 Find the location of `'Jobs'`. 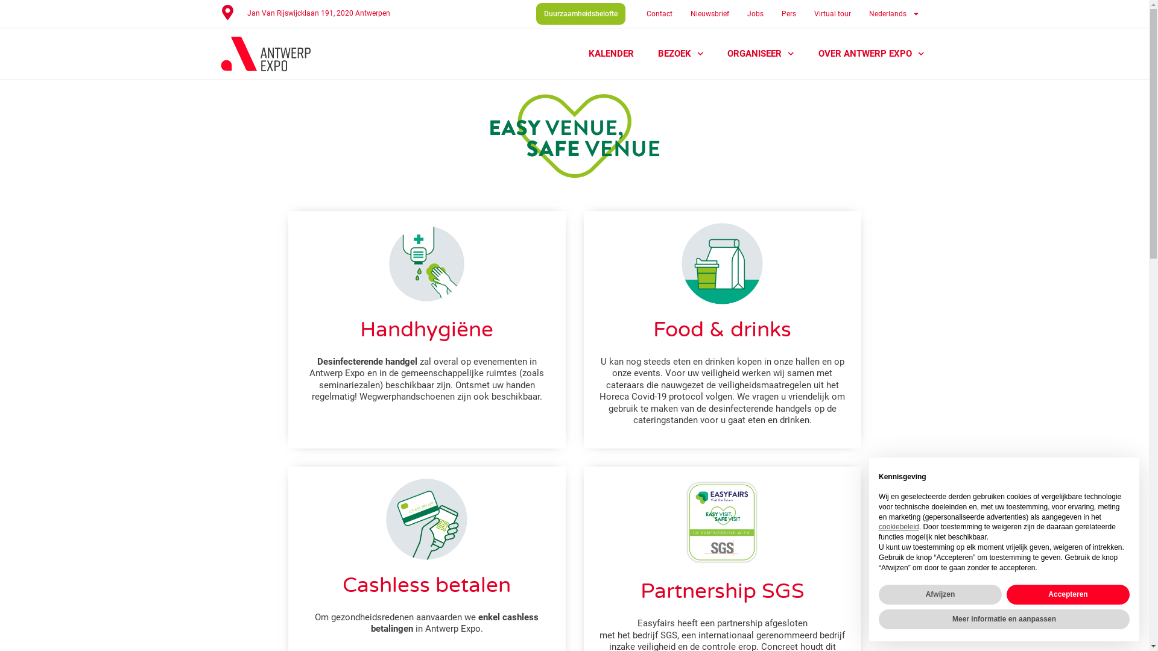

'Jobs' is located at coordinates (755, 14).